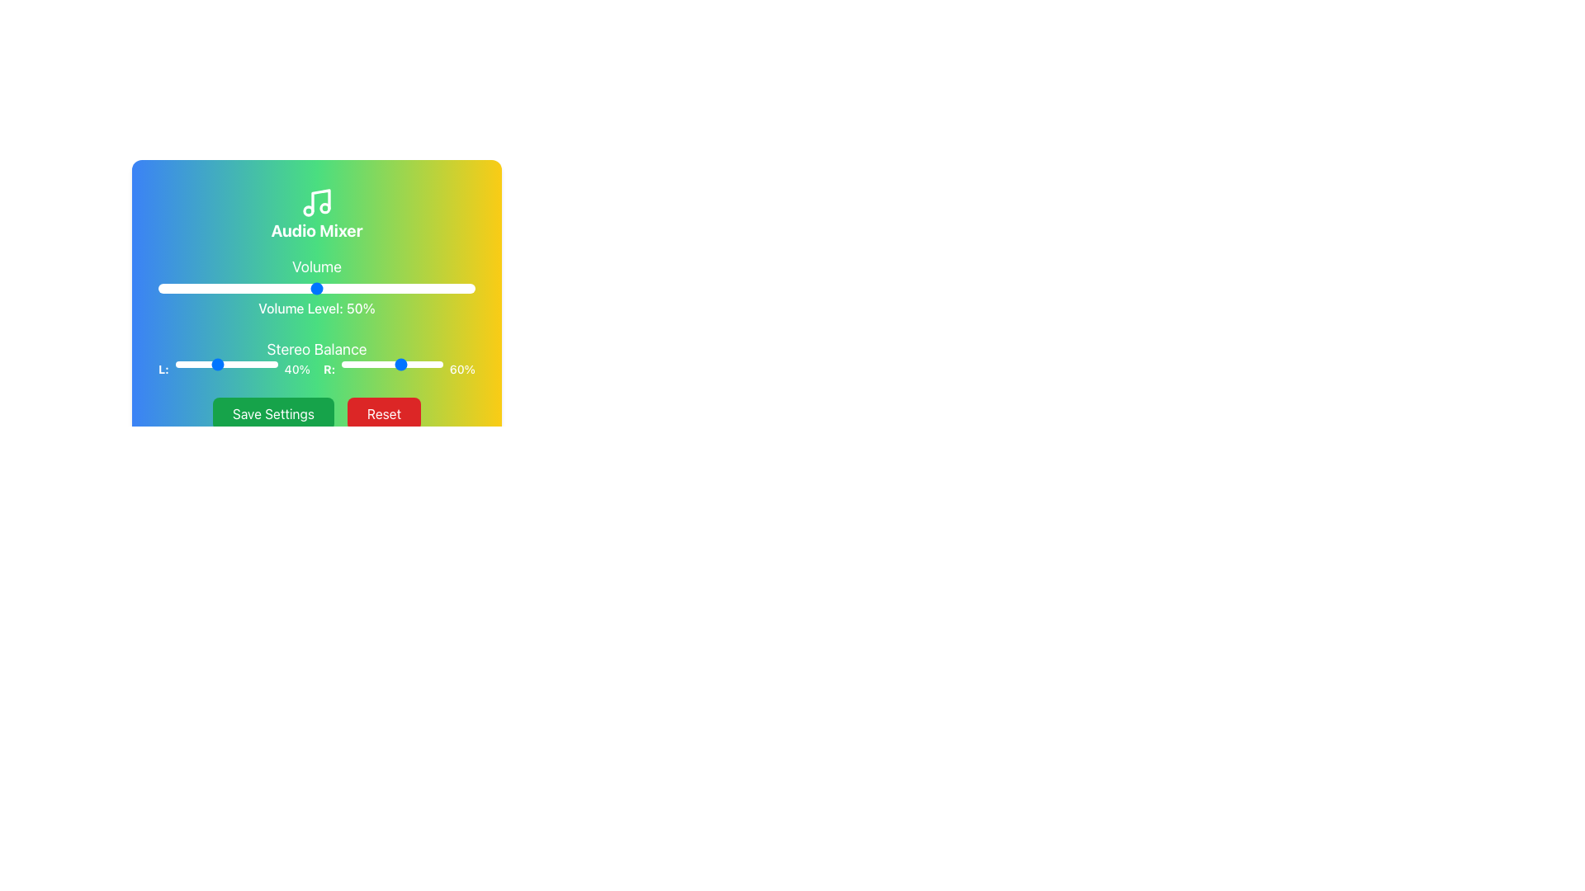 This screenshot has height=891, width=1585. Describe the element at coordinates (352, 364) in the screenshot. I see `the stereo balance` at that location.